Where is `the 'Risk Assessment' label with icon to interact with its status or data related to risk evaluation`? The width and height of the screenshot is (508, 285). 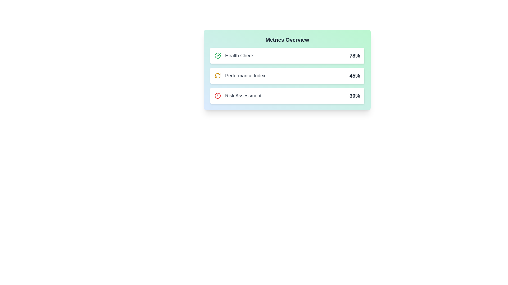 the 'Risk Assessment' label with icon to interact with its status or data related to risk evaluation is located at coordinates (238, 96).